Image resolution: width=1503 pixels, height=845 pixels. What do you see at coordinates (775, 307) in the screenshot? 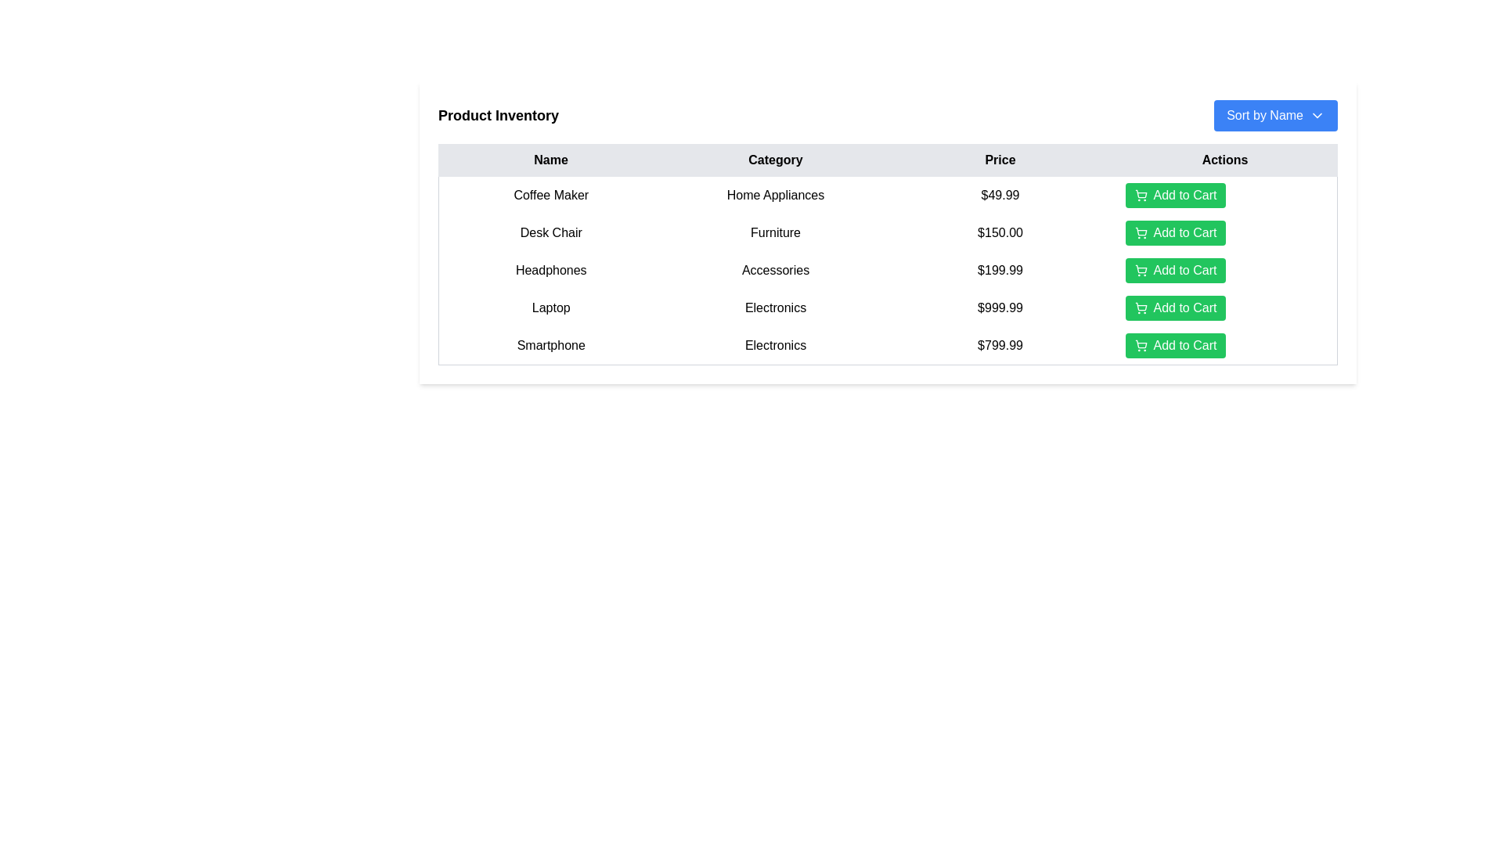
I see `the 'Electronics' label in the 'Category' column of the product table, which is aligned with 'Laptop' in the 'Name' column and '$999.99' in the 'Price' column` at bounding box center [775, 307].